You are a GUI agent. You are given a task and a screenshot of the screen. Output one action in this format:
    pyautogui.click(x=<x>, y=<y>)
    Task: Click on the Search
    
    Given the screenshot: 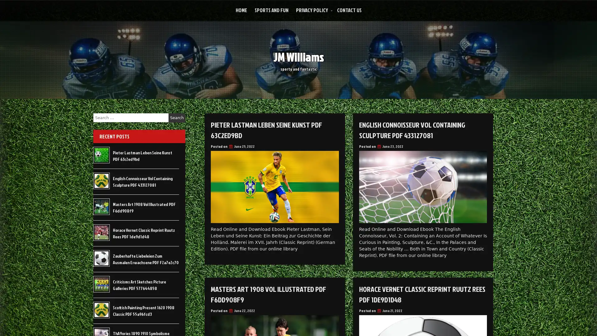 What is the action you would take?
    pyautogui.click(x=177, y=118)
    